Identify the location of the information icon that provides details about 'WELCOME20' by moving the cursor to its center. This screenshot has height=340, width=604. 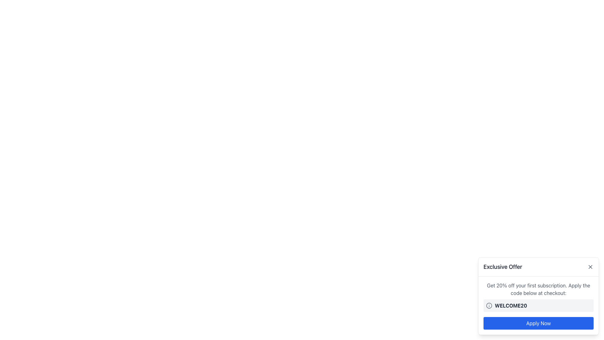
(489, 305).